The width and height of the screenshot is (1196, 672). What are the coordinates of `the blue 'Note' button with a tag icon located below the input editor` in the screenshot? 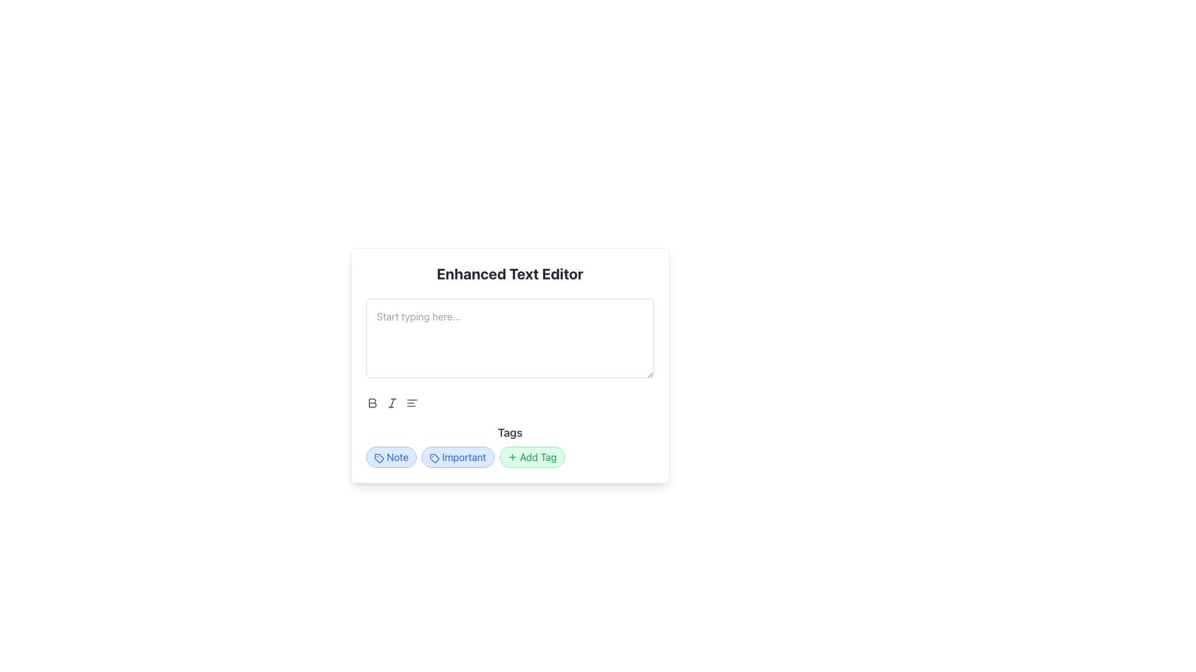 It's located at (391, 457).